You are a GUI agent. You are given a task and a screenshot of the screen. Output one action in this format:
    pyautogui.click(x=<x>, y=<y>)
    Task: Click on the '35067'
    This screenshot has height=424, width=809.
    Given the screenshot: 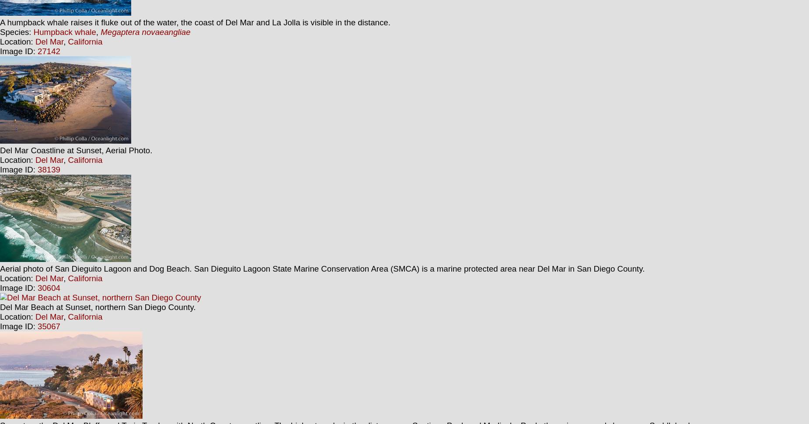 What is the action you would take?
    pyautogui.click(x=48, y=326)
    